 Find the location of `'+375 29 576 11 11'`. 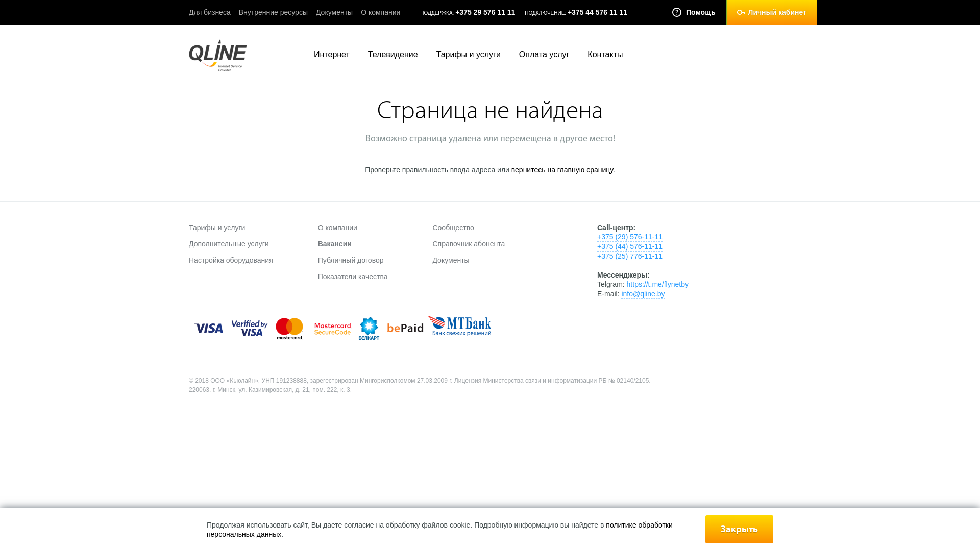

'+375 29 576 11 11' is located at coordinates (484, 12).